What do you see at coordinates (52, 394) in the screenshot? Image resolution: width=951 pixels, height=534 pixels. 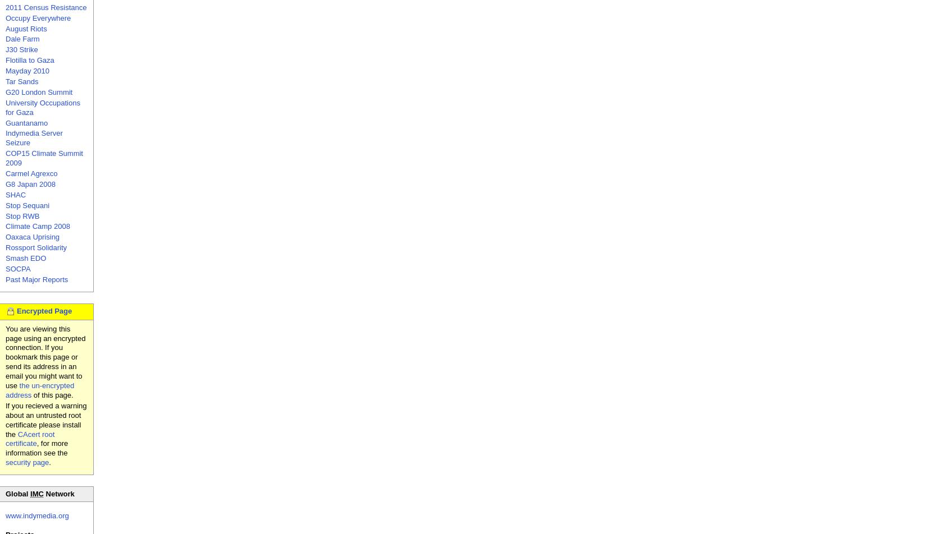 I see `'of this page.'` at bounding box center [52, 394].